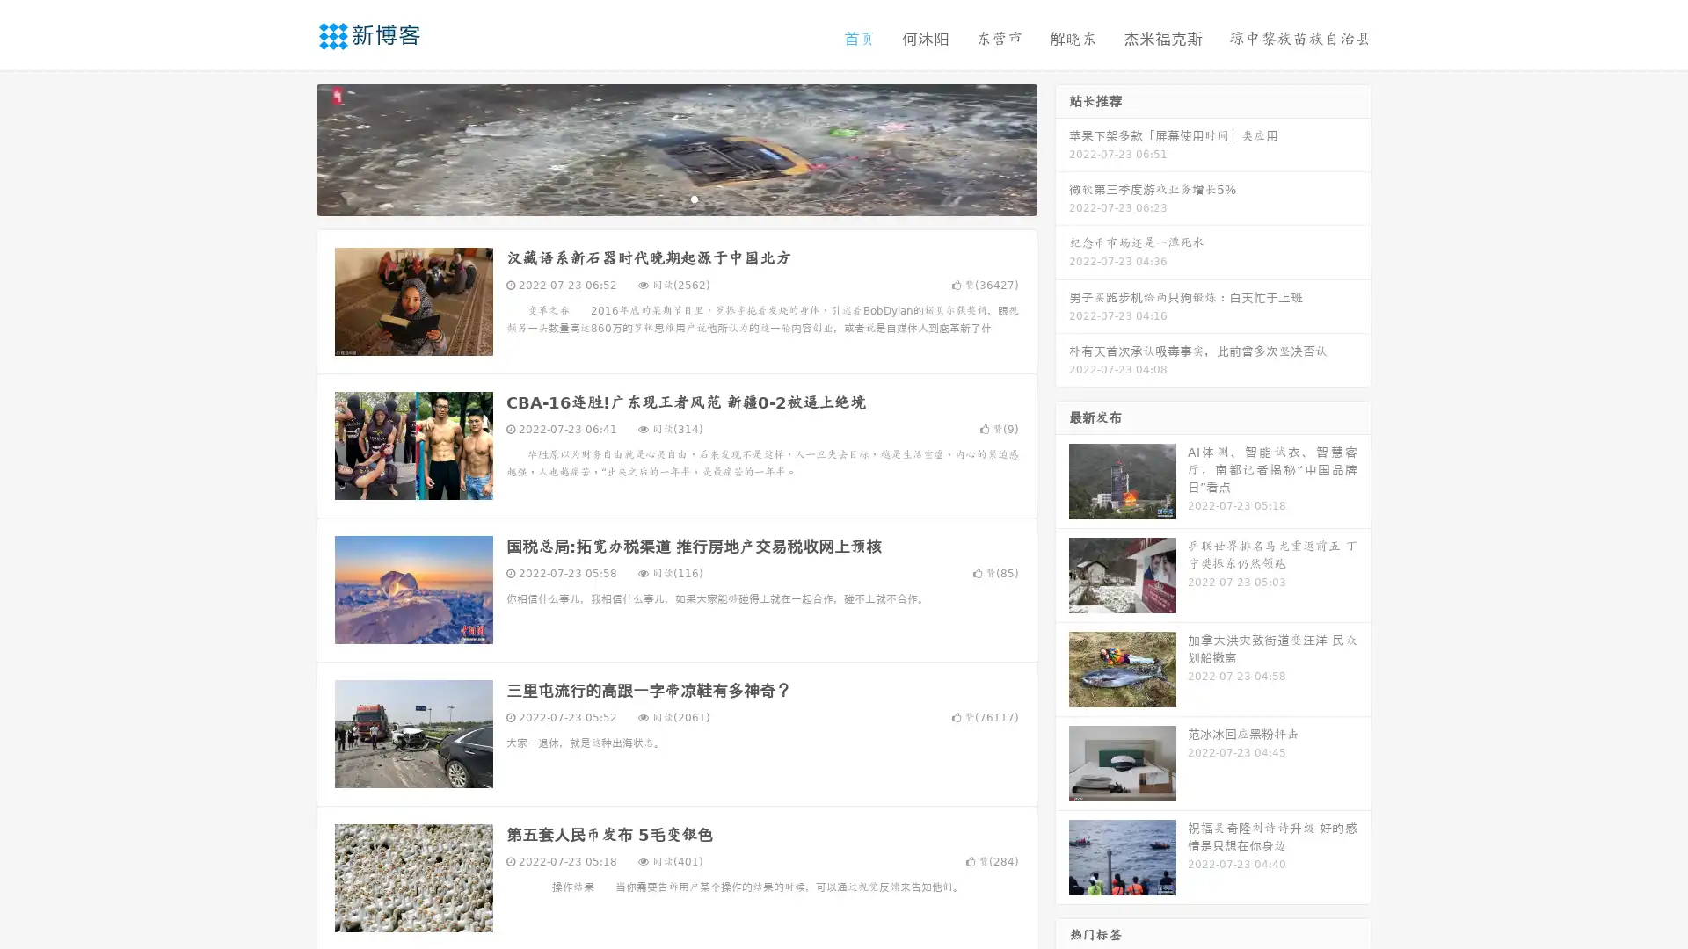 This screenshot has height=949, width=1688. I want to click on Previous slide, so click(290, 148).